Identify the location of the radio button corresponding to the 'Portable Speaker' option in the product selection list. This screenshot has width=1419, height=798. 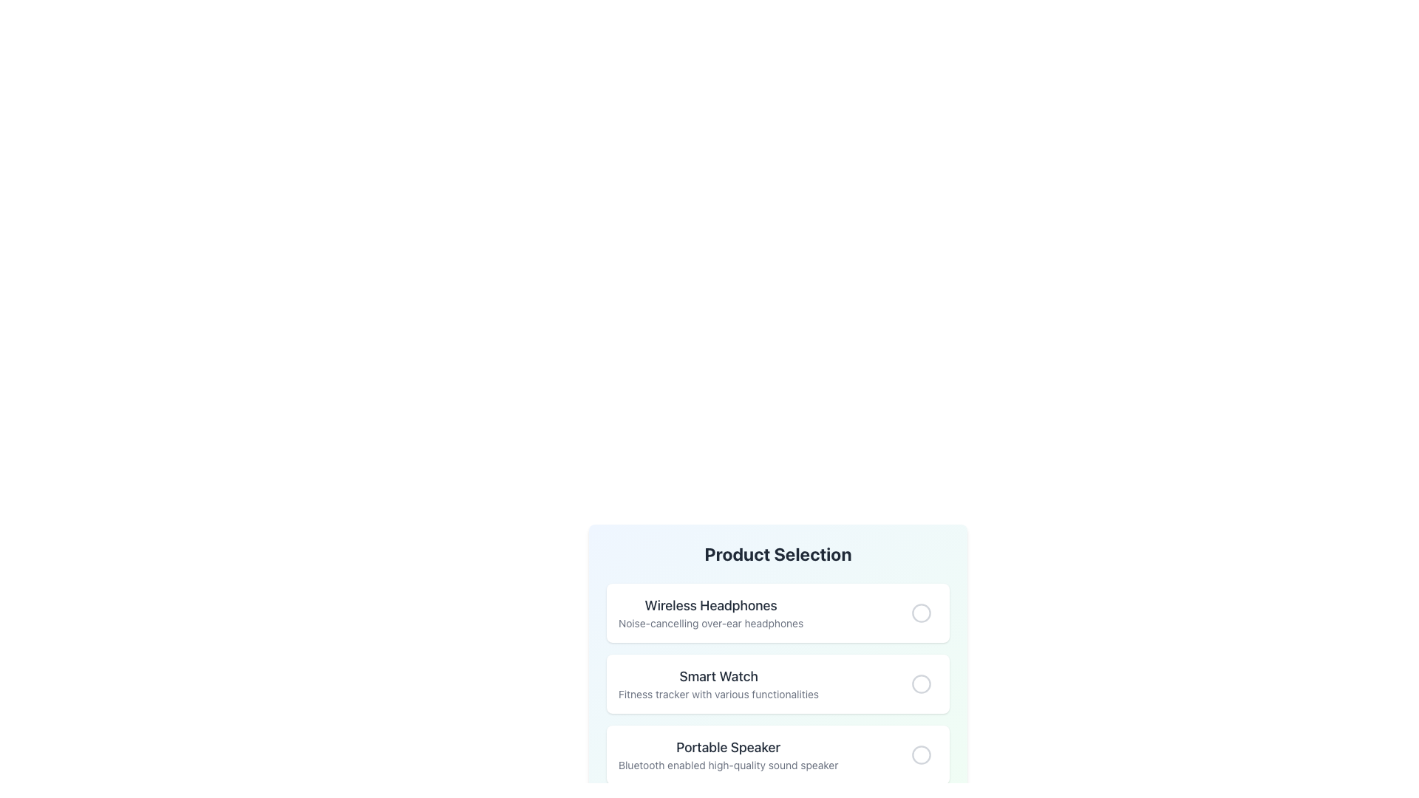
(921, 754).